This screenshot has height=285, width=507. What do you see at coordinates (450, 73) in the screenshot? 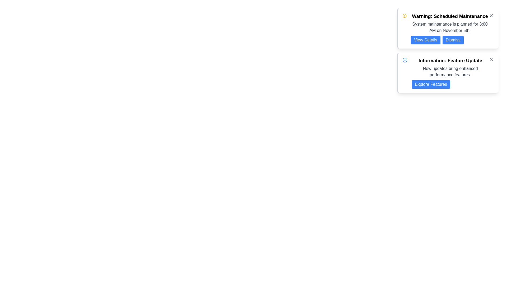
I see `text of the information card about the feature update, which is located on the right side of the interface and is the second card in a vertical stack` at bounding box center [450, 73].